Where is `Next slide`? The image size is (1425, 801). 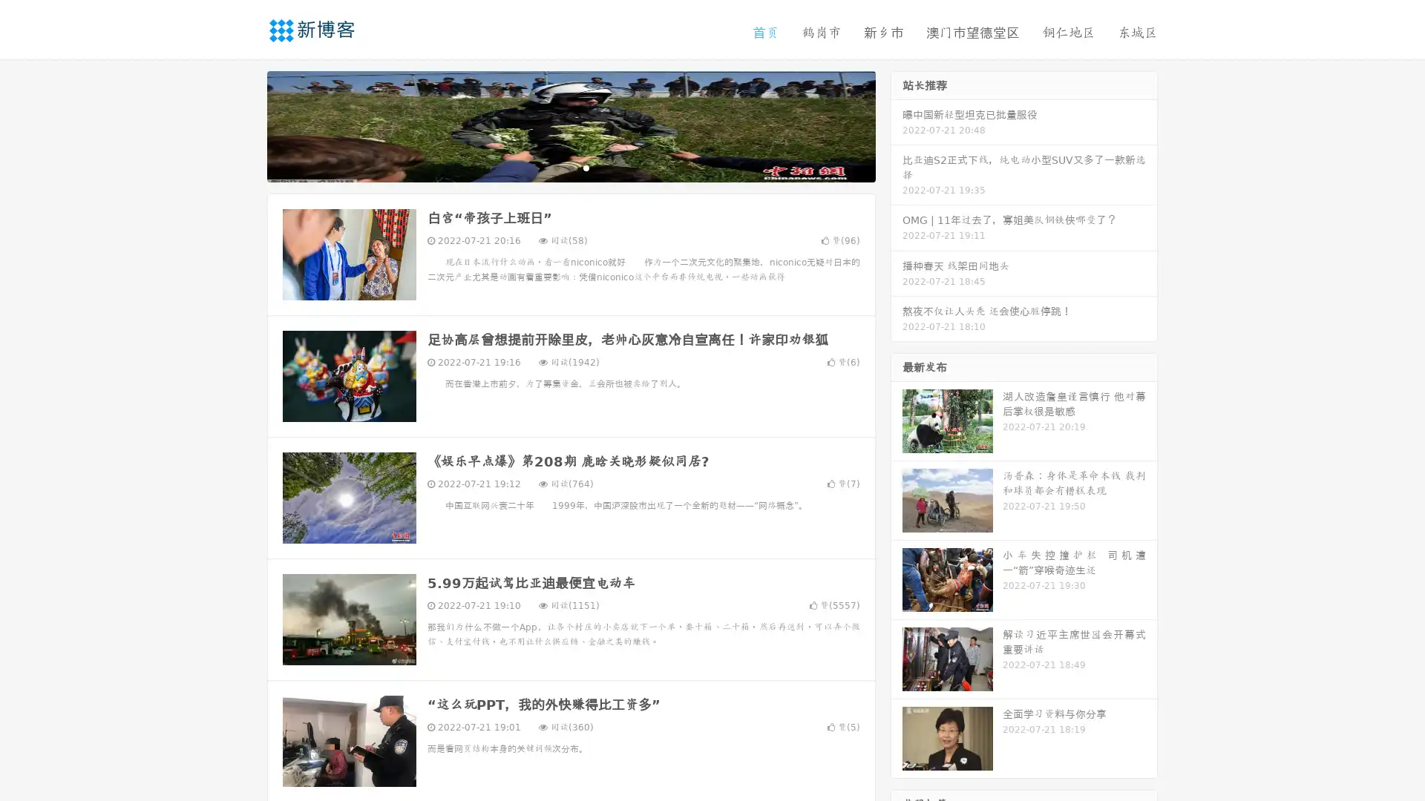
Next slide is located at coordinates (897, 125).